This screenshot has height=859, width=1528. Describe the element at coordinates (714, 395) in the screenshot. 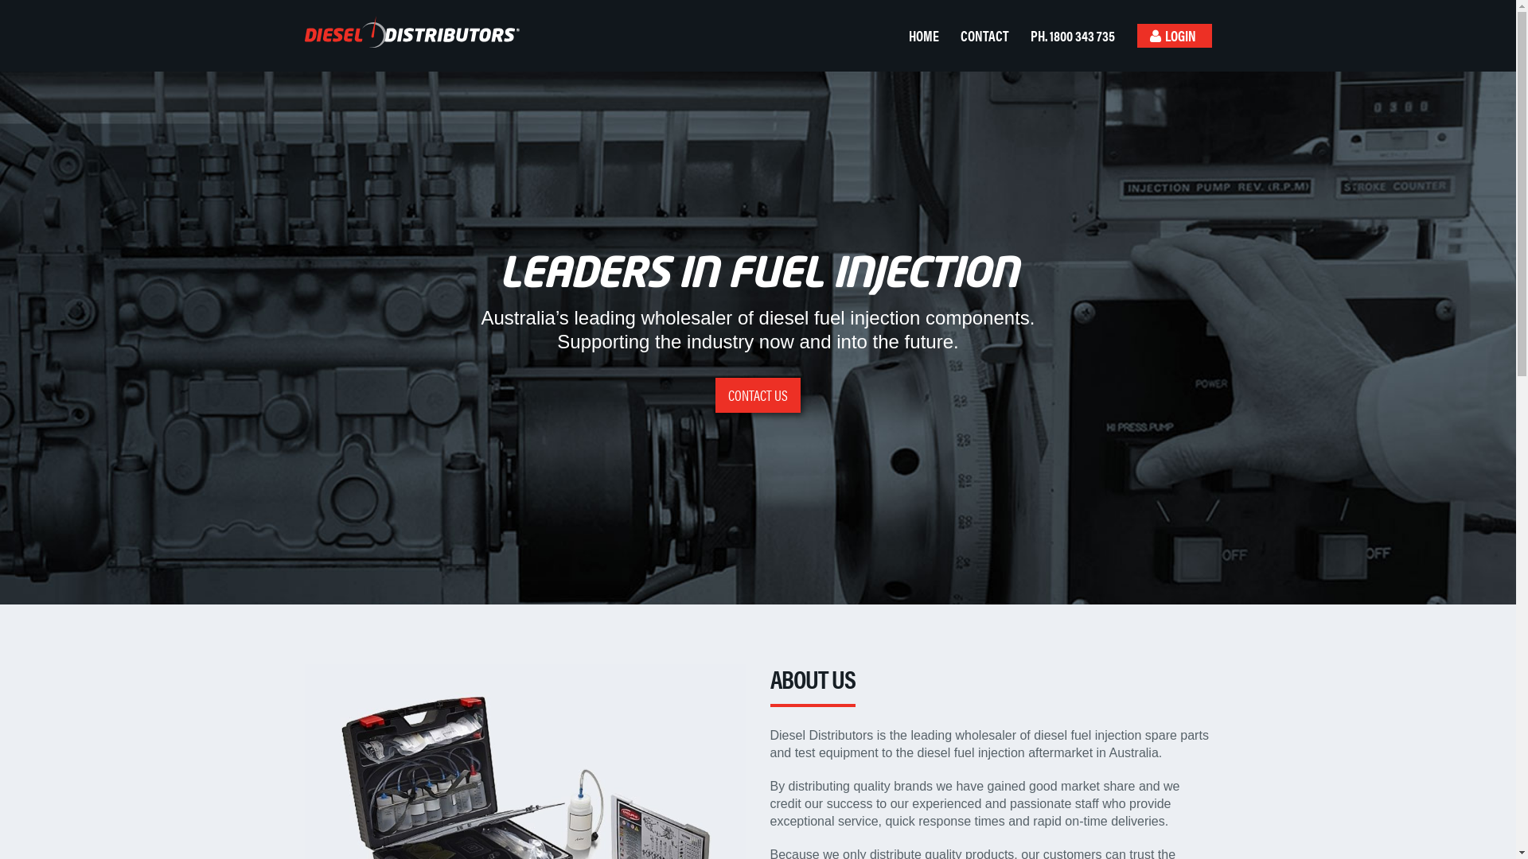

I see `'CONTACT US'` at that location.